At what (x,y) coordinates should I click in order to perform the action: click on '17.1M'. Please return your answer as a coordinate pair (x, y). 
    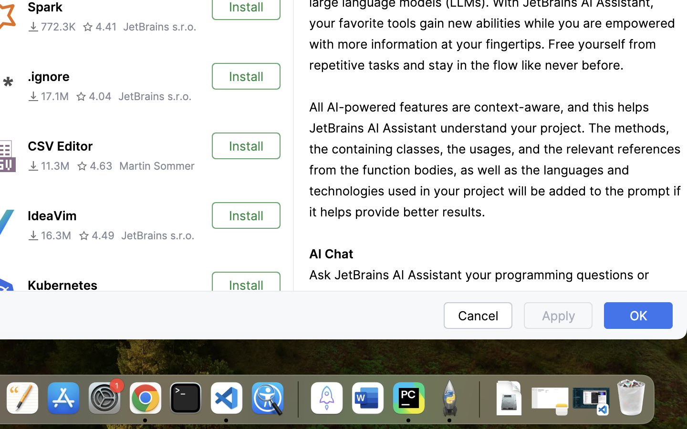
    Looking at the image, I should click on (48, 96).